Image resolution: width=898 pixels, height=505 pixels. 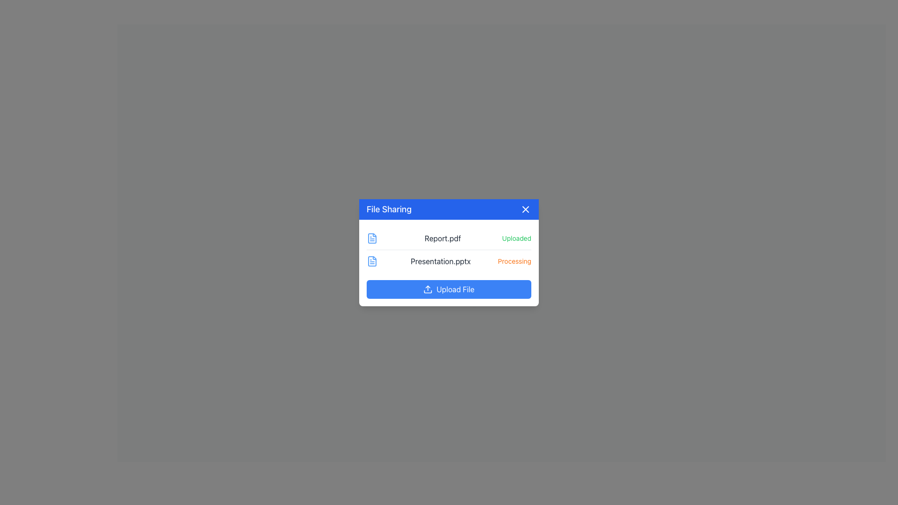 I want to click on the upload file icon located centrally inside the 'Upload File' button, which is positioned towards the left edge of the button's text label, so click(x=427, y=289).